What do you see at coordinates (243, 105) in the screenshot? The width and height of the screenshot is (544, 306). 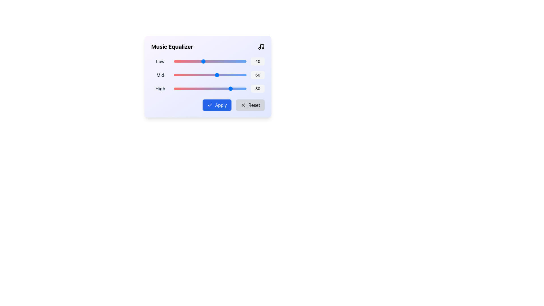 I see `the cancel or close action icon represented by an 'X' shape located in the top-right corner of the card within an SVG graphic` at bounding box center [243, 105].